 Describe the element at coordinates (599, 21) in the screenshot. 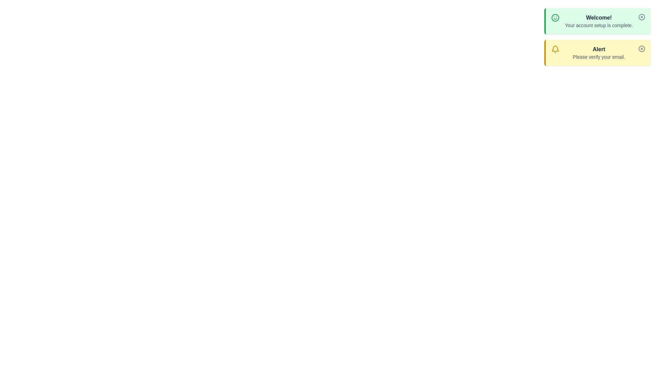

I see `the notification with title Welcome! to view its details` at that location.